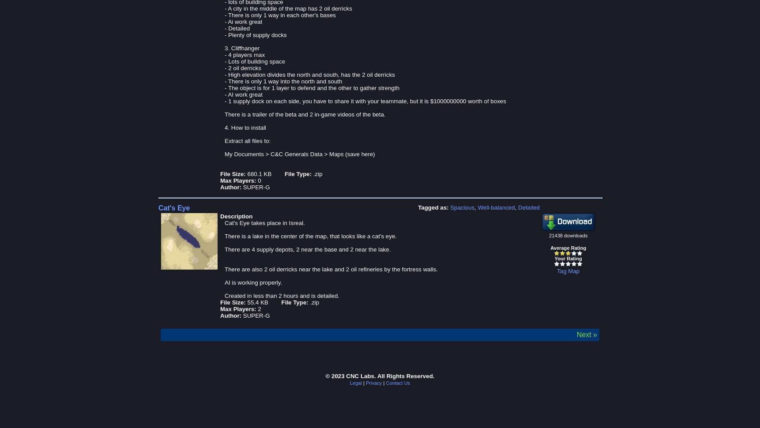 The height and width of the screenshot is (428, 760). Describe the element at coordinates (225, 8) in the screenshot. I see `'- A city in the middle of the map has 2 oil derricks'` at that location.